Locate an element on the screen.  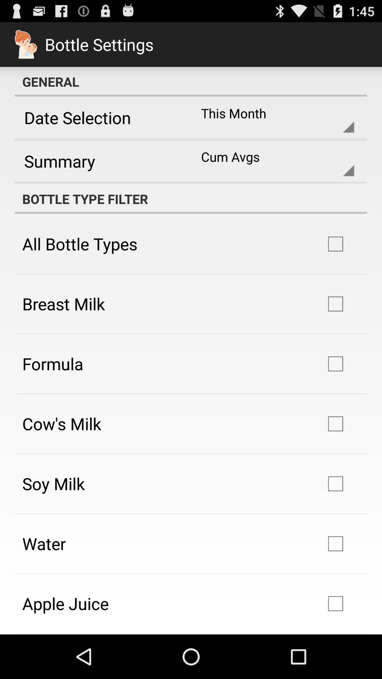
the icon above cow's milk is located at coordinates (52, 364).